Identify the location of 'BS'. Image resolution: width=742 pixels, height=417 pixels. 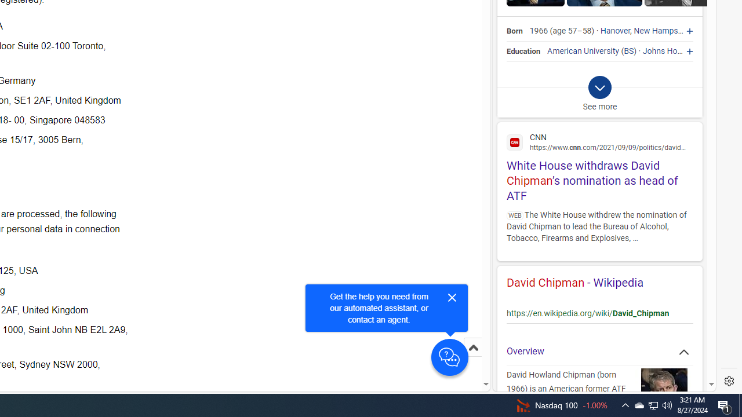
(628, 50).